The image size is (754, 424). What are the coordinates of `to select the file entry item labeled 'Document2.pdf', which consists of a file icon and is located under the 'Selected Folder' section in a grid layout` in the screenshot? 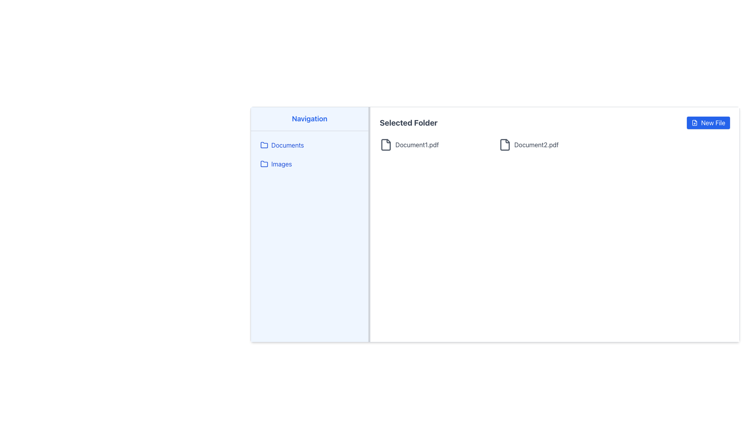 It's located at (554, 145).